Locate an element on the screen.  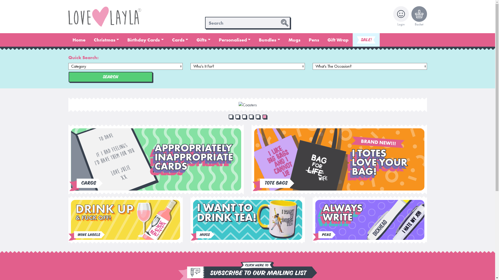
'Gift Wrap' is located at coordinates (338, 40).